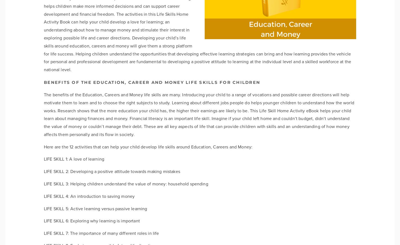 This screenshot has height=245, width=400. Describe the element at coordinates (74, 159) in the screenshot. I see `'LIFE SKILL 1: A love of learning'` at that location.